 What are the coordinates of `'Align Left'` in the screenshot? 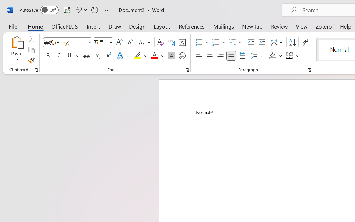 It's located at (199, 56).